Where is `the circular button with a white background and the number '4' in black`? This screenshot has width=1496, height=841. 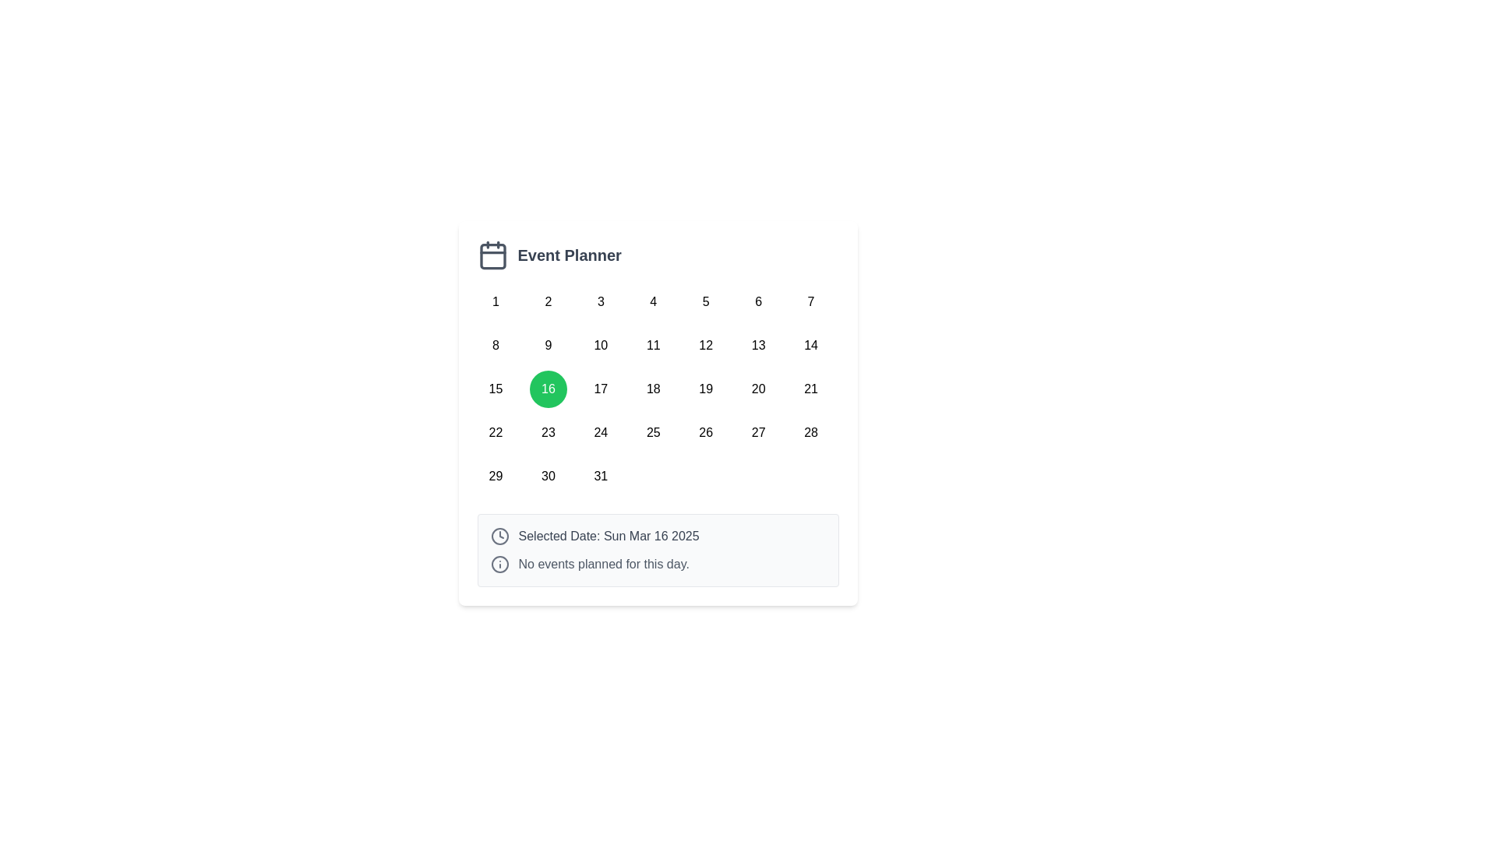 the circular button with a white background and the number '4' in black is located at coordinates (653, 302).